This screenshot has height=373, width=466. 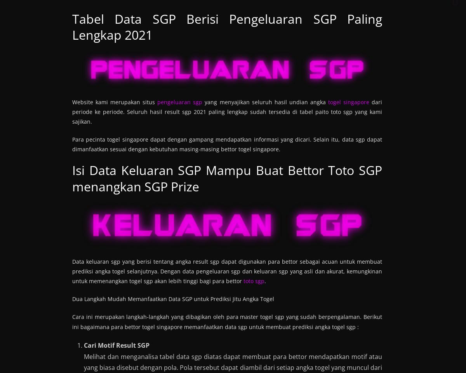 What do you see at coordinates (72, 144) in the screenshot?
I see `'Para pecinta togel singapore dapat dengan gampang mendapatkan informasi yang dicari. Selain itu, data sgp dapat dimanfaatkan sesuai dengan kebutuhan masing-masing bettor togel singapore.'` at bounding box center [72, 144].